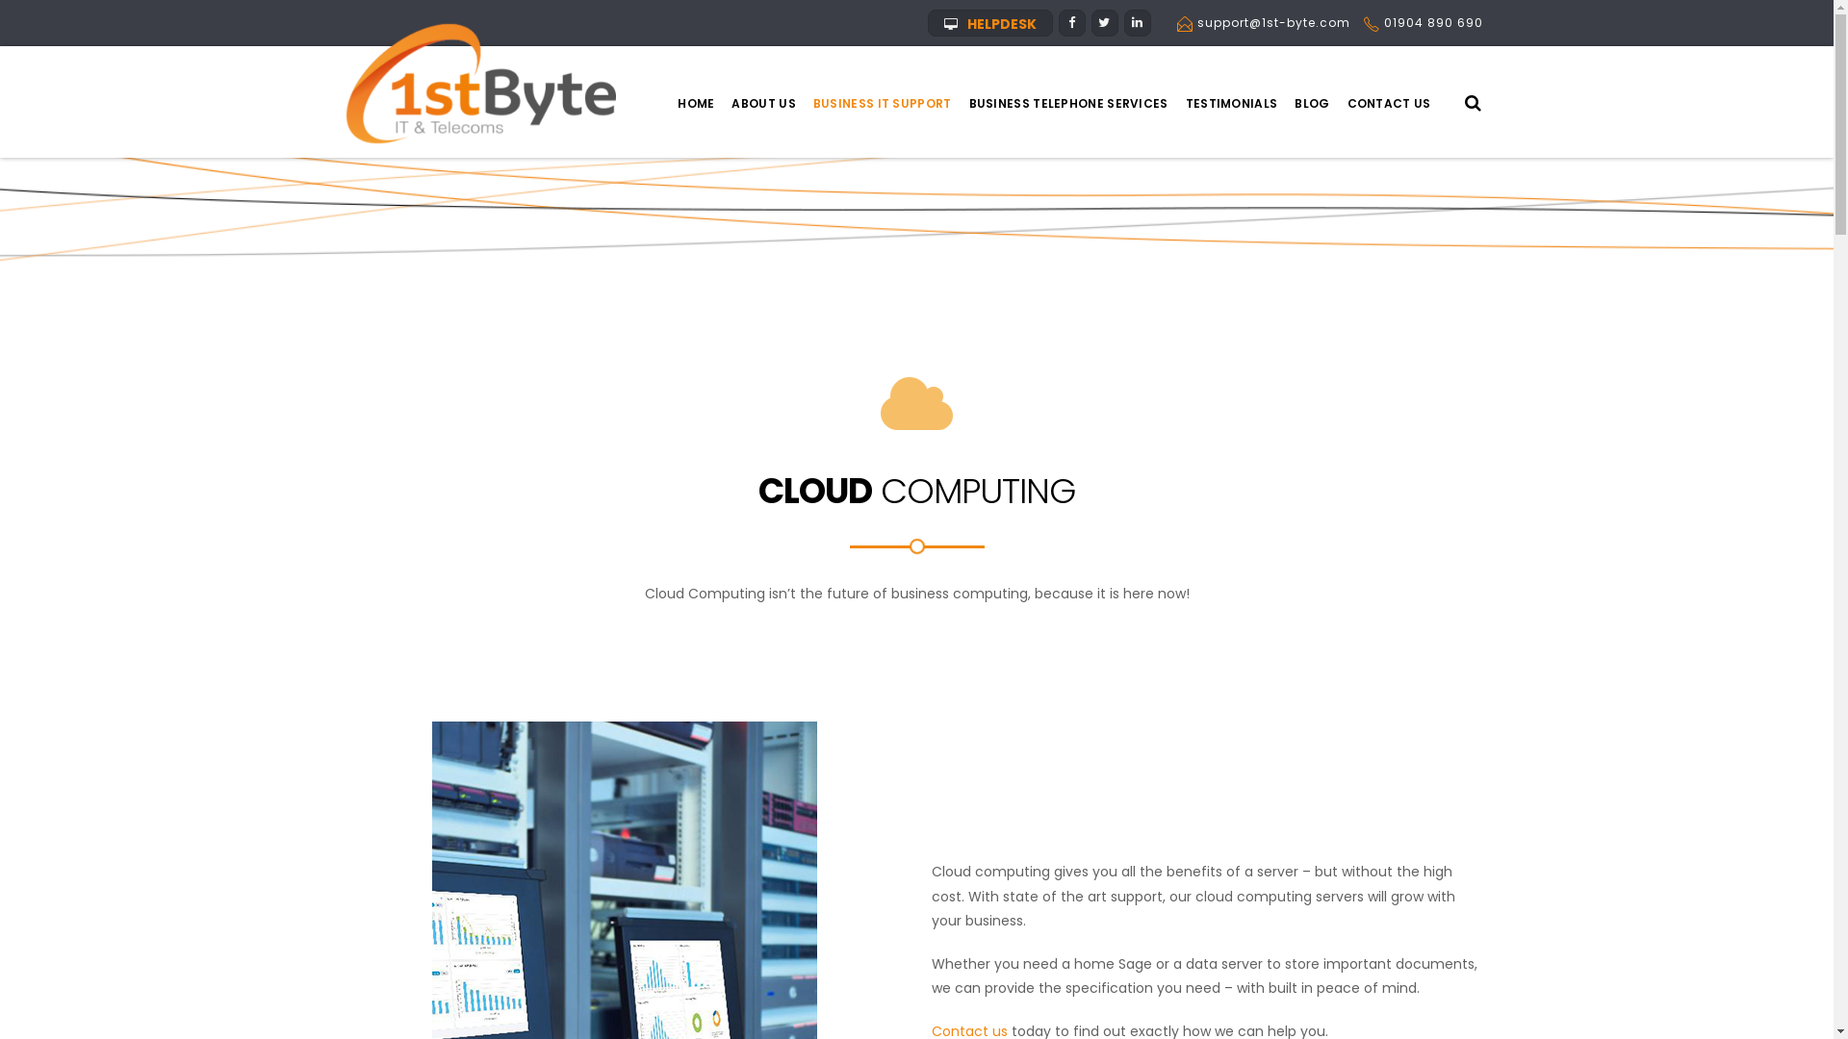 This screenshot has width=1848, height=1039. I want to click on 'HOME', so click(669, 104).